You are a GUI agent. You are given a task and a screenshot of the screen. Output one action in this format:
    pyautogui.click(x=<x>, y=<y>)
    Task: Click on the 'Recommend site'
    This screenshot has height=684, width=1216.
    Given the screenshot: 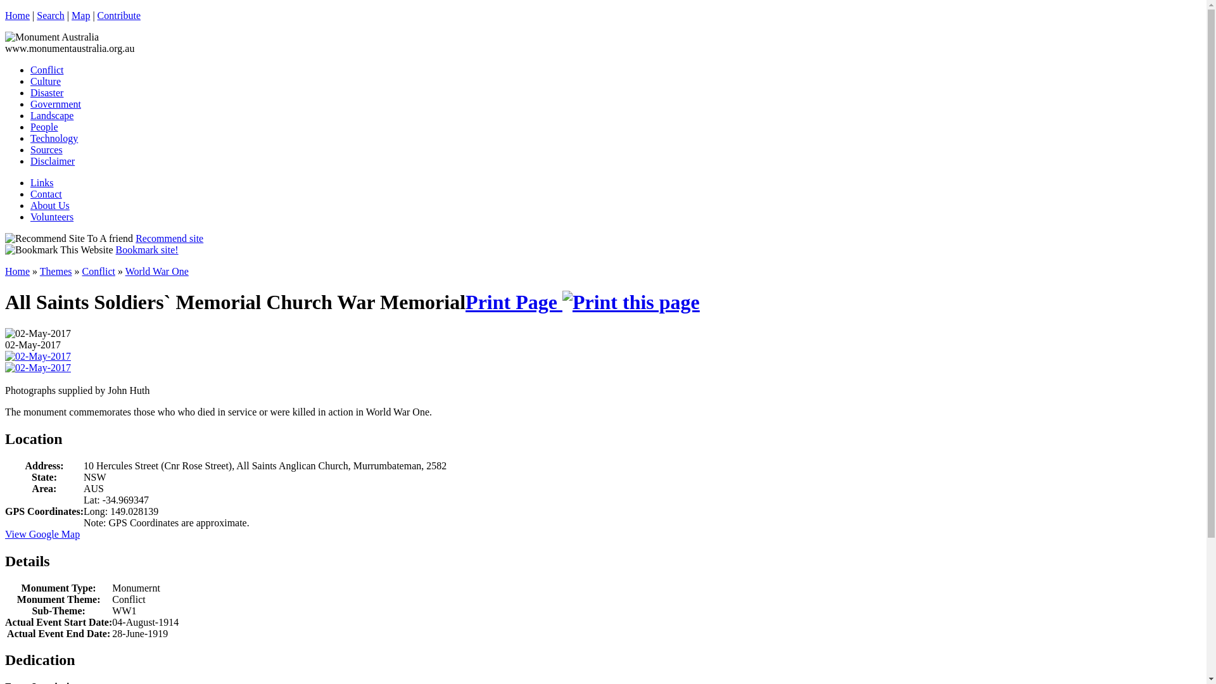 What is the action you would take?
    pyautogui.click(x=168, y=238)
    